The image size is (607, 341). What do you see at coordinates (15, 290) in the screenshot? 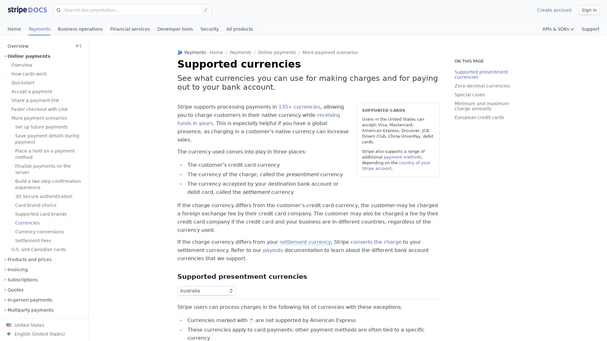
I see `Quotes` at bounding box center [15, 290].